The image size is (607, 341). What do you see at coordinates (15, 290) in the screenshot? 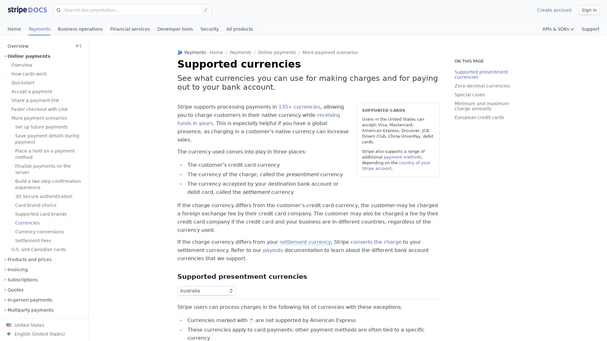
I see `Quotes` at bounding box center [15, 290].